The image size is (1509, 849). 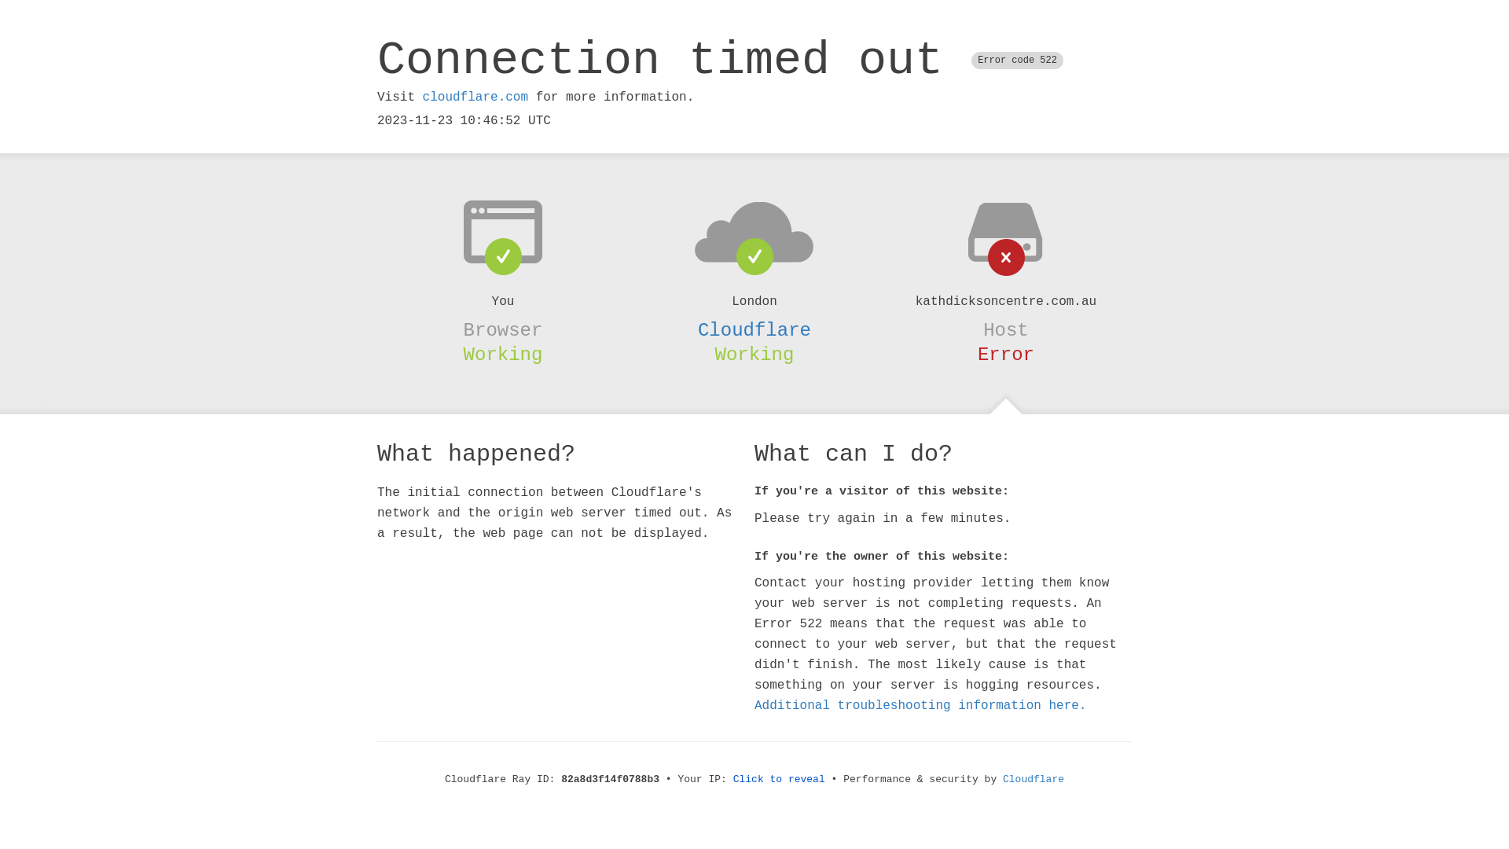 I want to click on 'cloudflare.com', so click(x=474, y=97).